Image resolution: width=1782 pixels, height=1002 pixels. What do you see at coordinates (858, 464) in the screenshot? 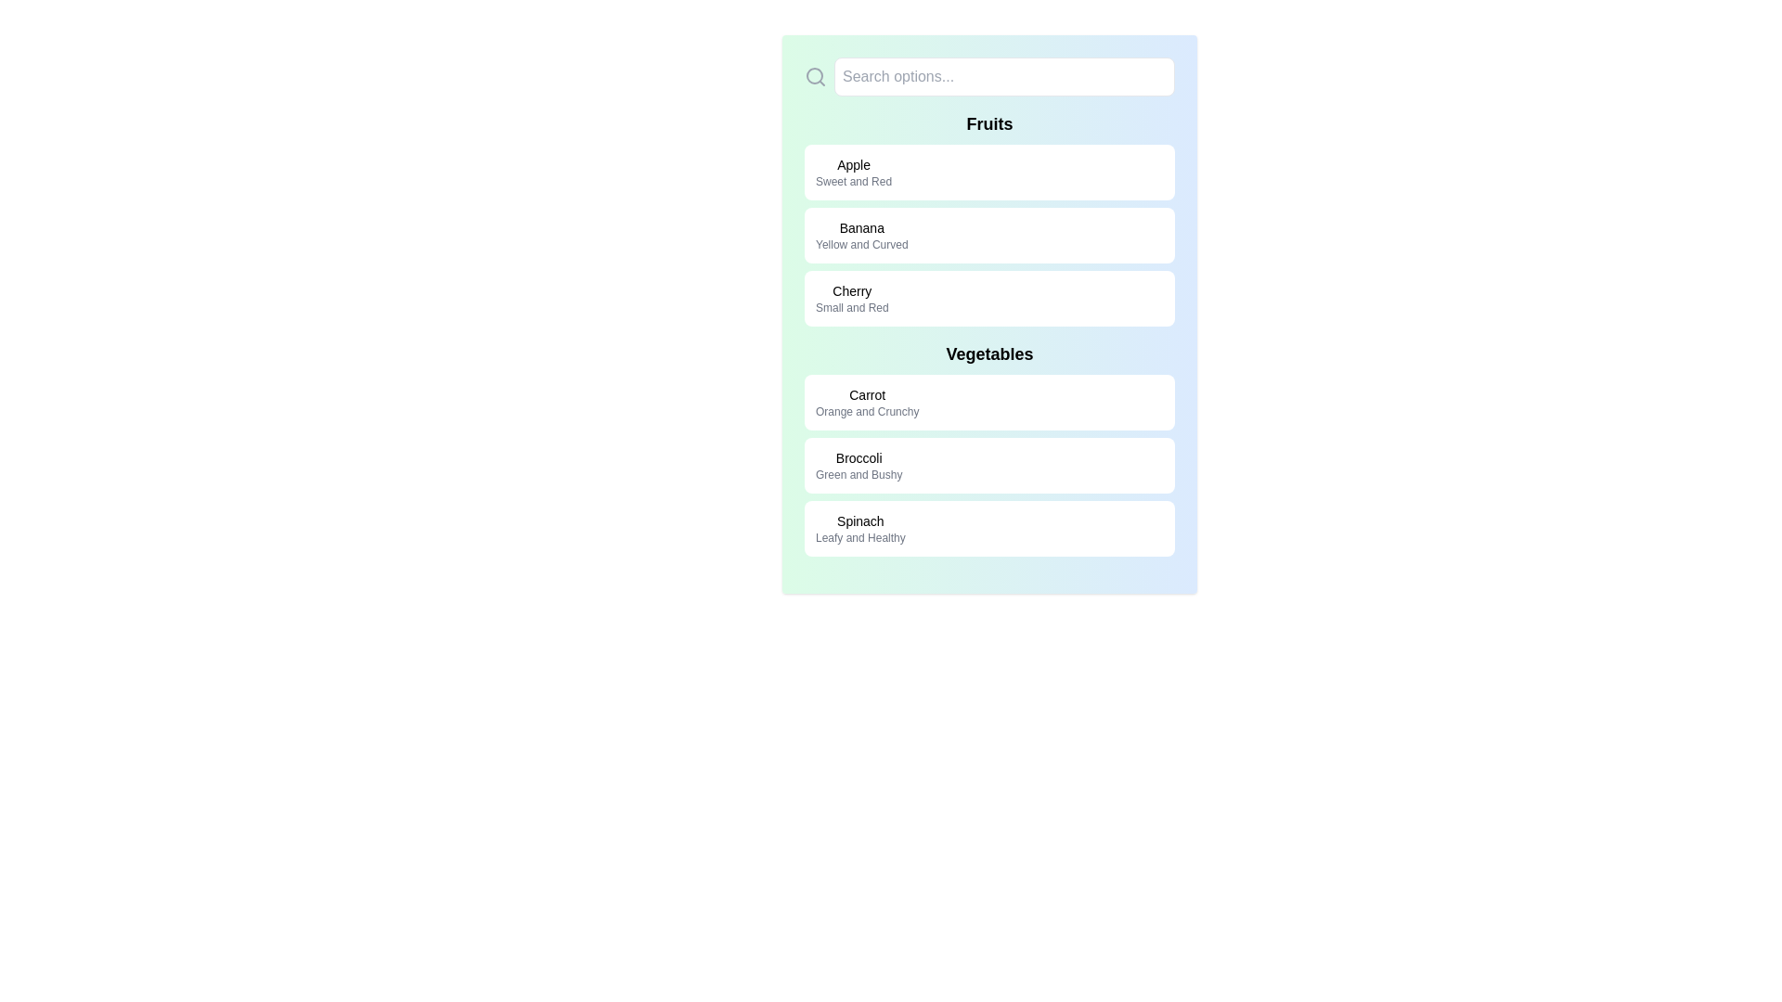
I see `the Text Display element that shows information about Broccoli, located in the third card under the 'Vegetables' category, positioned below the 'Carrot' card and above the 'Spinach' card` at bounding box center [858, 464].